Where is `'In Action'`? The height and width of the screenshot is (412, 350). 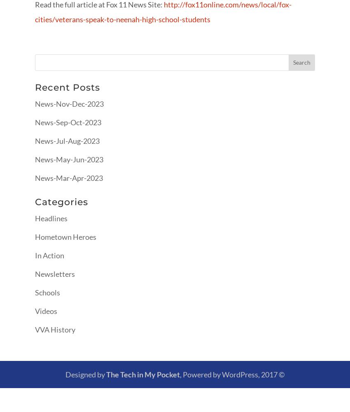 'In Action' is located at coordinates (35, 255).